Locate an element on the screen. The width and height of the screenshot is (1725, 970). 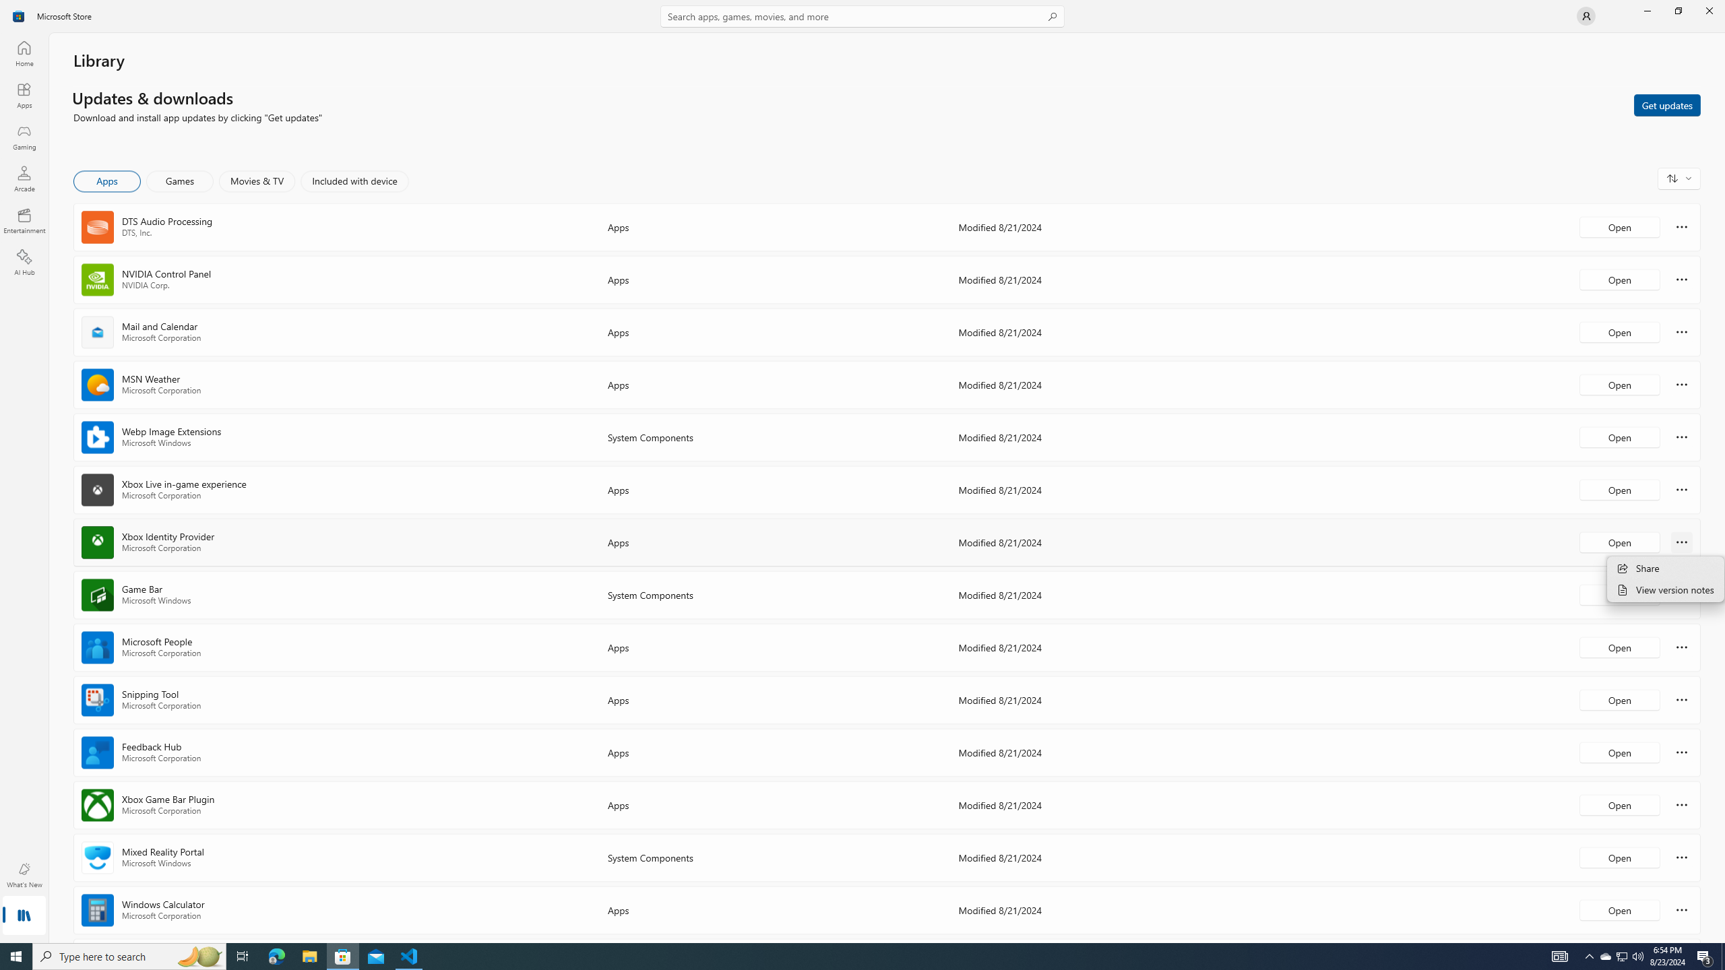
'Included with device' is located at coordinates (354, 181).